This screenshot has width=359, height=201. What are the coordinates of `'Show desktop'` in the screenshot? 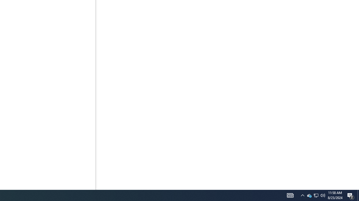 It's located at (358, 195).